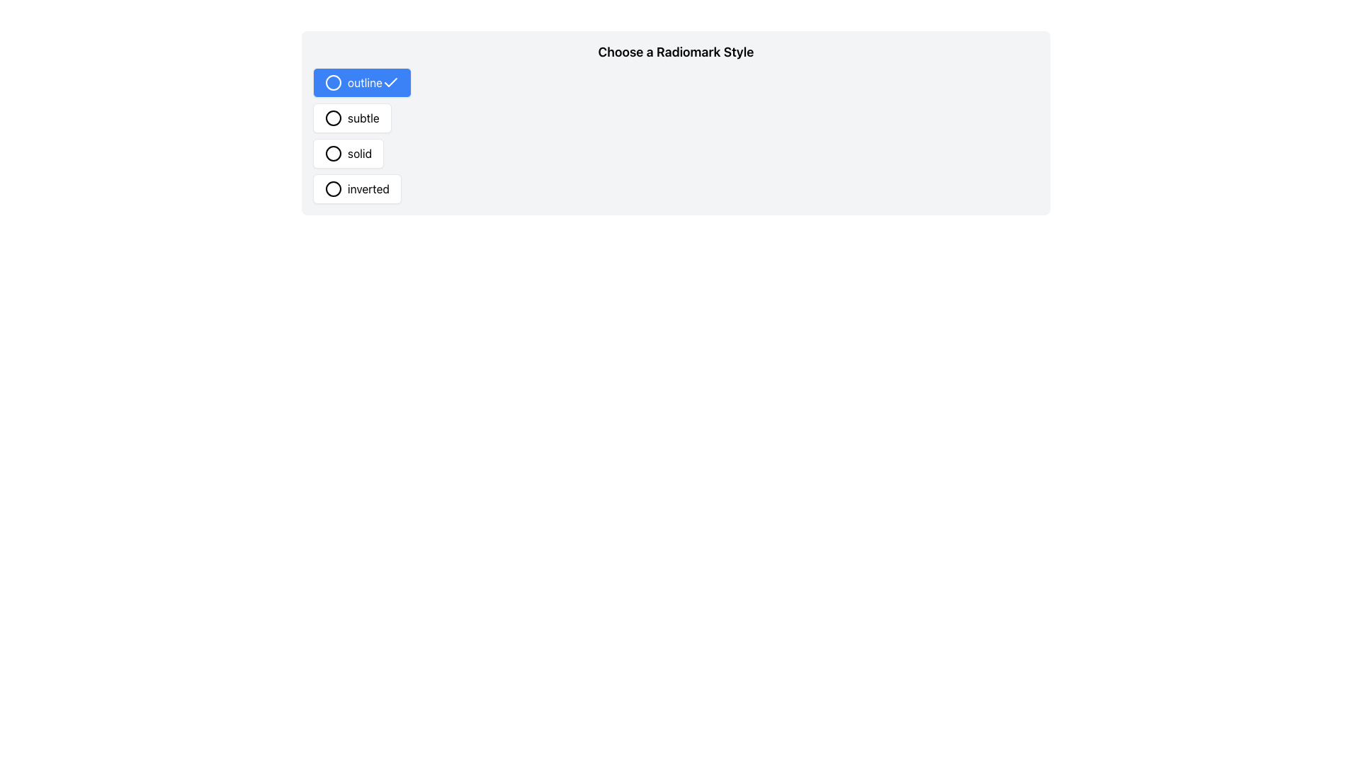 Image resolution: width=1360 pixels, height=765 pixels. What do you see at coordinates (390, 82) in the screenshot?
I see `the visual indication of selection by interacting with the checkmark icon displayed within a blue background on the far-right edge of the button labeled 'outline'` at bounding box center [390, 82].